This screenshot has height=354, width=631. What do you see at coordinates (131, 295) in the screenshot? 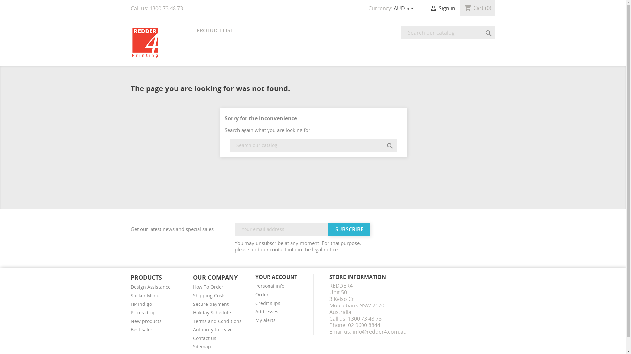
I see `'Sticker Menu'` at bounding box center [131, 295].